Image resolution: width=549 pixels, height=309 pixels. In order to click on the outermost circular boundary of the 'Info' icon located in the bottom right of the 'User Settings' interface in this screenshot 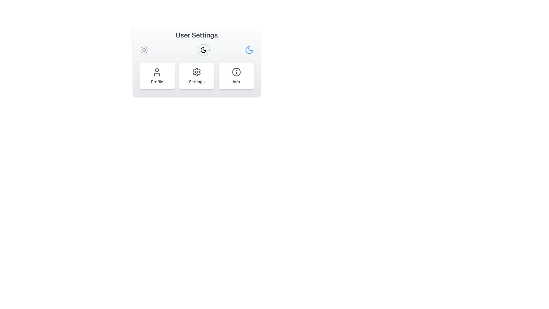, I will do `click(236, 72)`.